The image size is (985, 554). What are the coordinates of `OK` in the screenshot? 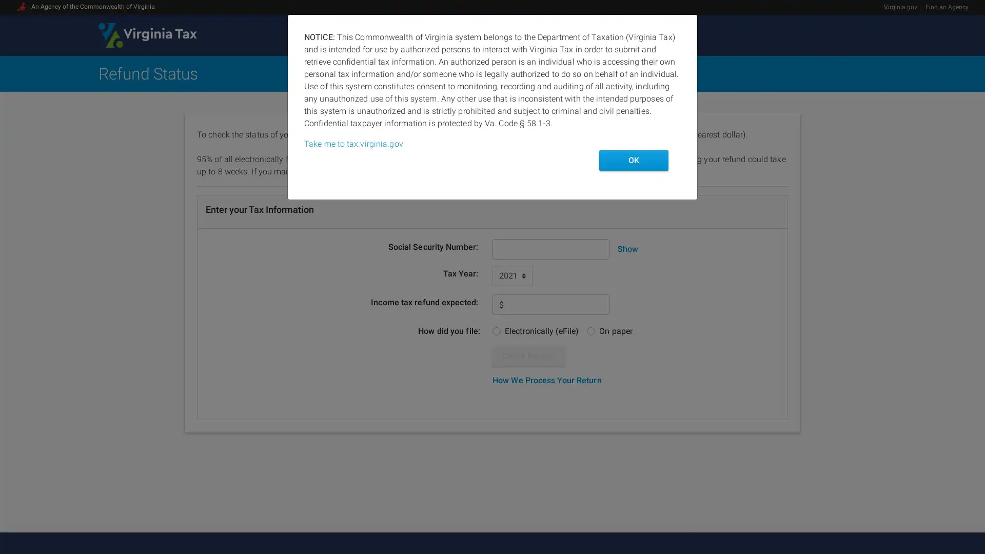 It's located at (633, 160).